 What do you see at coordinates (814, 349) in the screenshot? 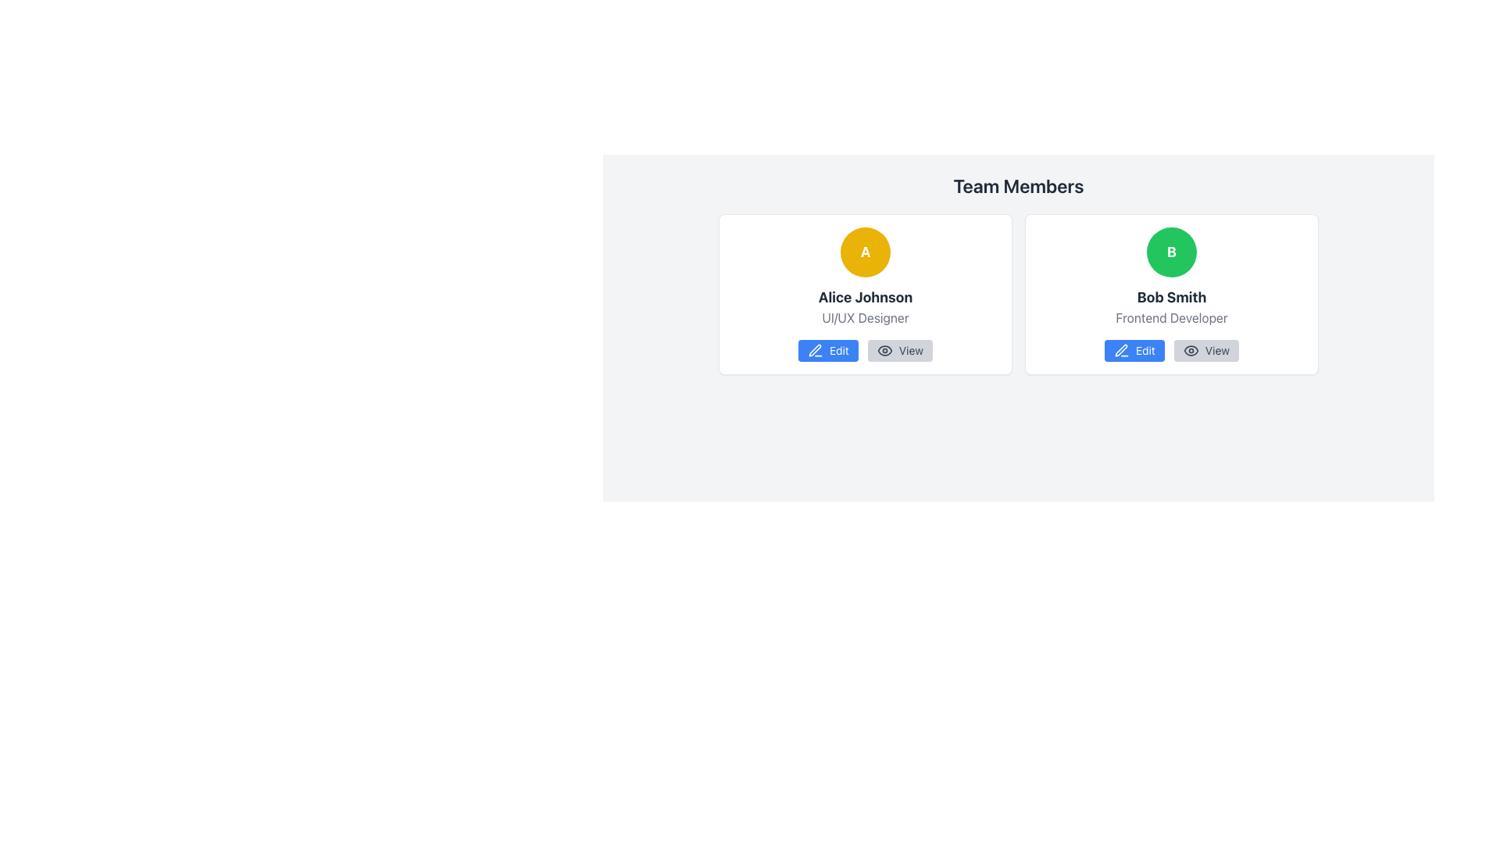
I see `the pen-shaped icon located to the left of the 'Edit' button under the Alice Johnson card in the Team Members section for visual reference` at bounding box center [814, 349].